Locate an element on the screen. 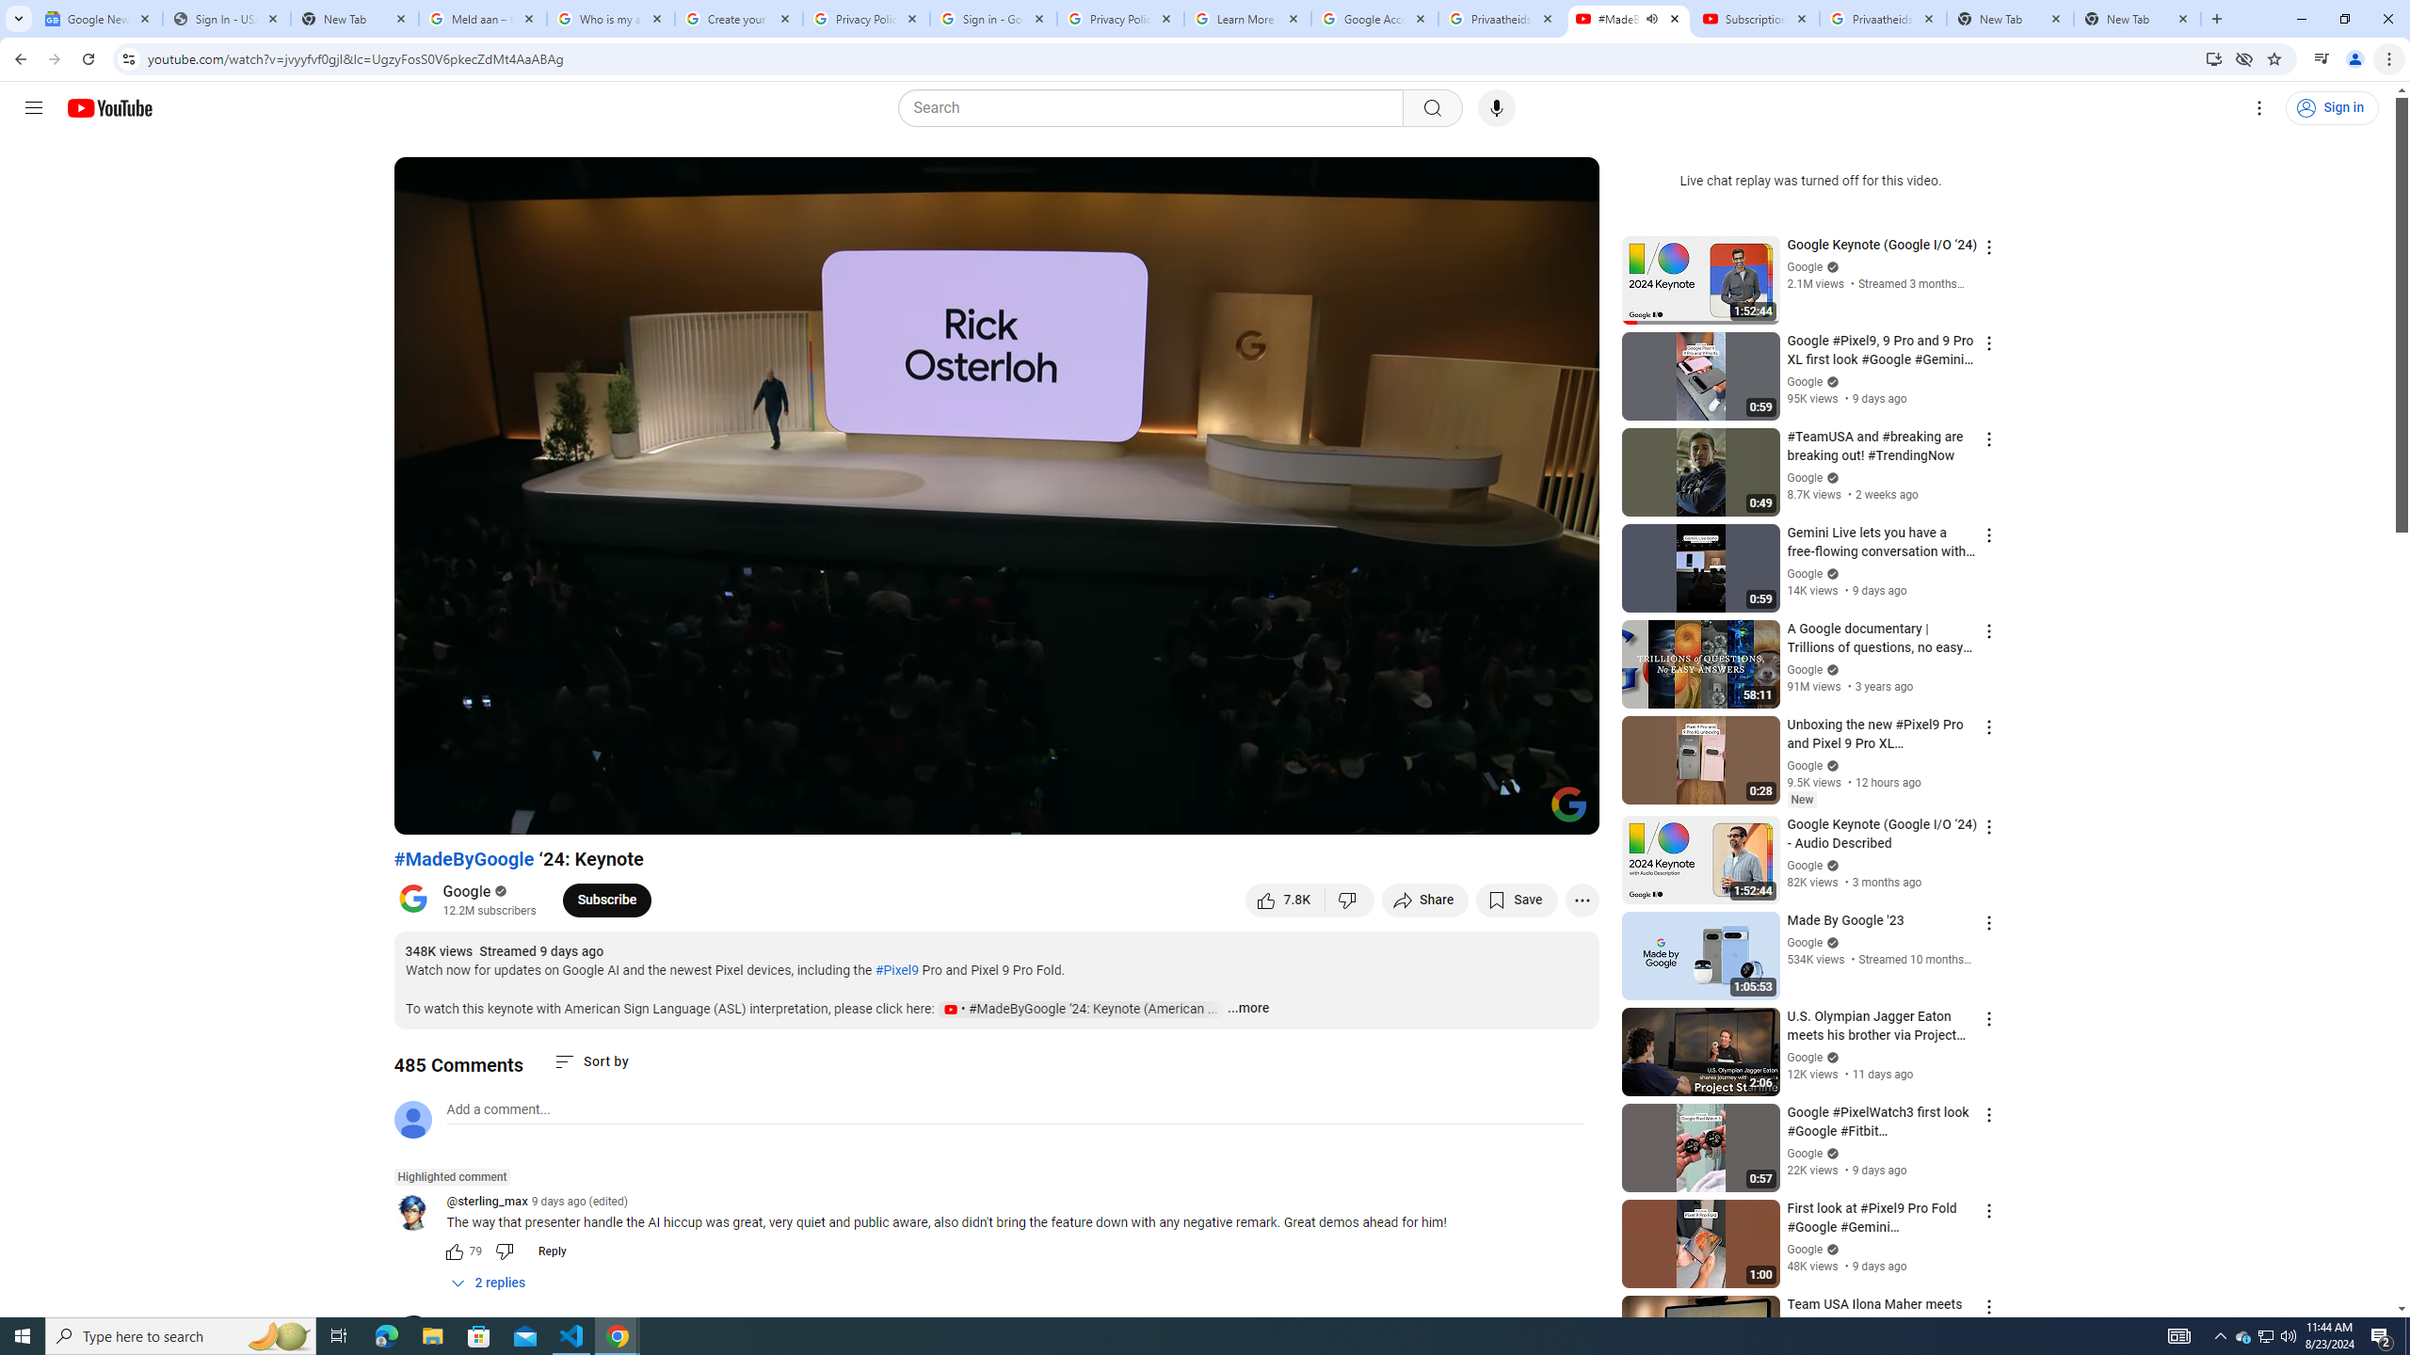 This screenshot has height=1355, width=2410. 'Verified' is located at coordinates (1830, 1248).